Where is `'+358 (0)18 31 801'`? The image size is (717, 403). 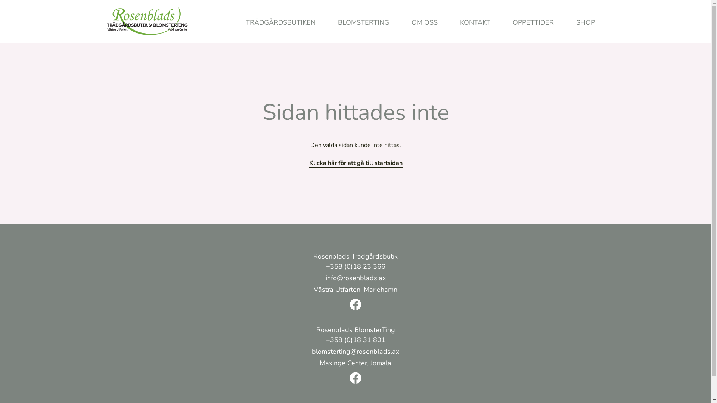 '+358 (0)18 31 801' is located at coordinates (355, 341).